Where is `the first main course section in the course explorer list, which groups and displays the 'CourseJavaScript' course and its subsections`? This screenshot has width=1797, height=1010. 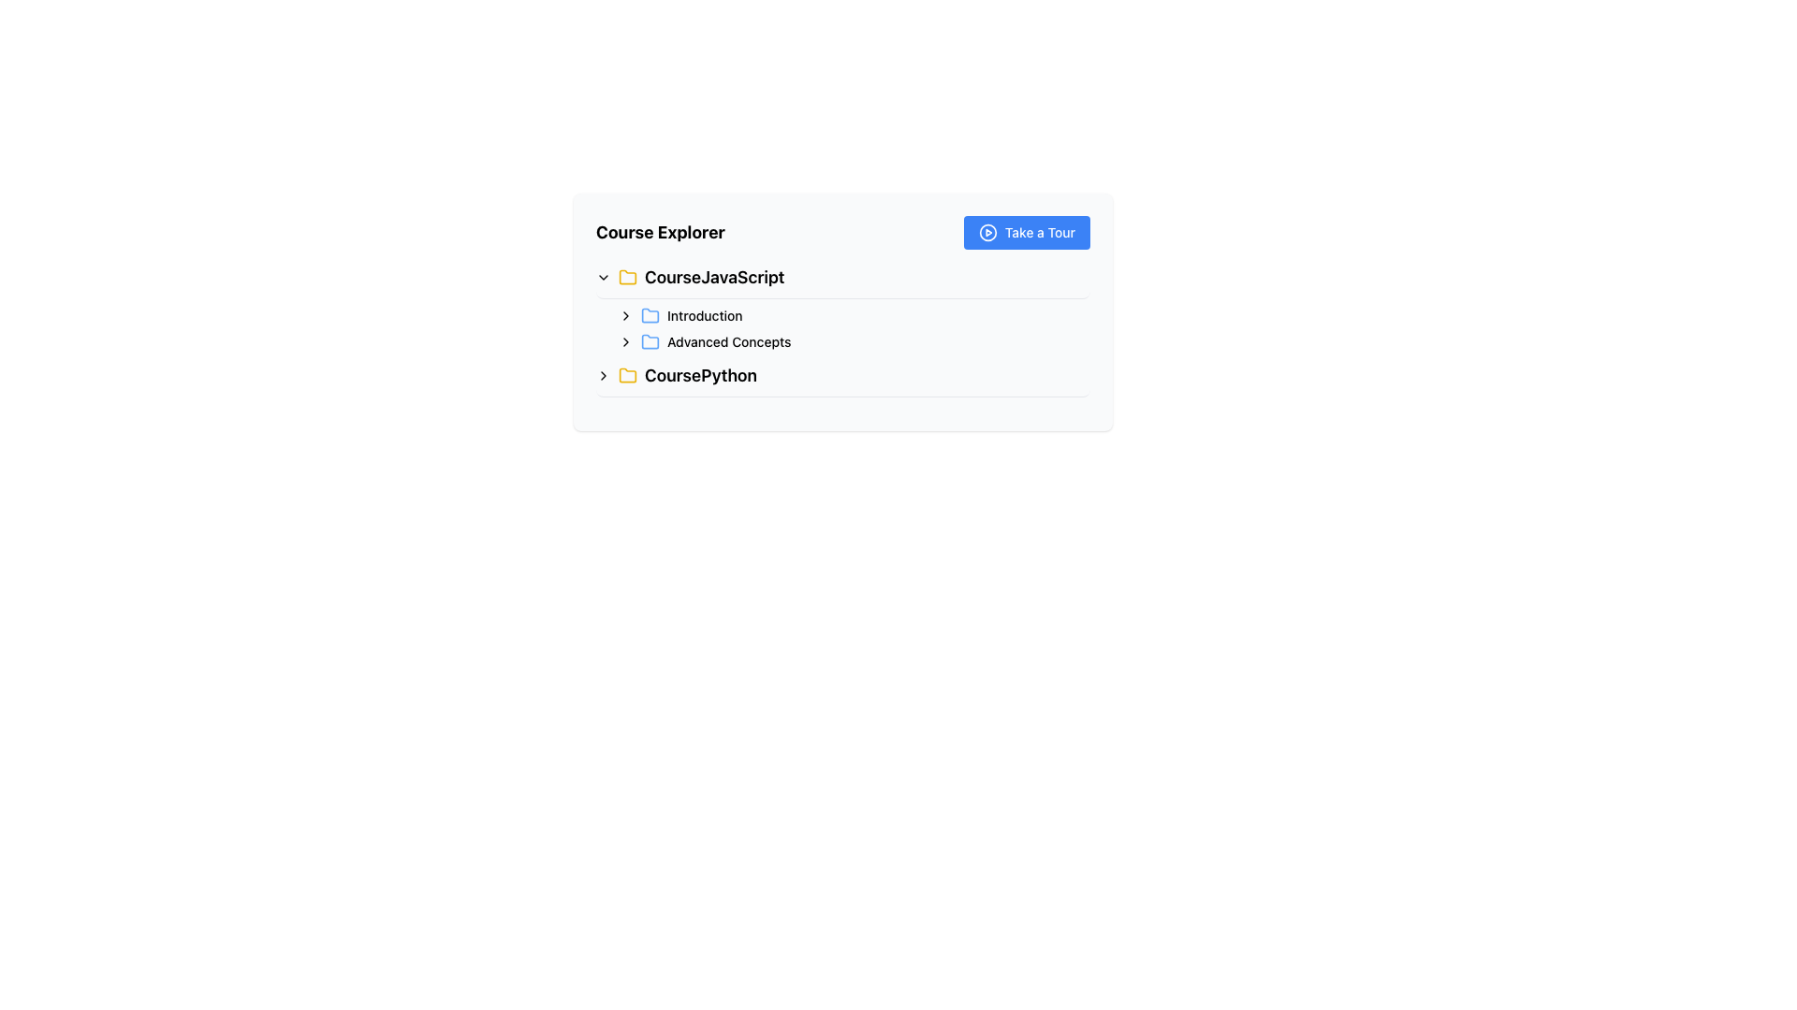
the first main course section in the course explorer list, which groups and displays the 'CourseJavaScript' course and its subsections is located at coordinates (842, 307).